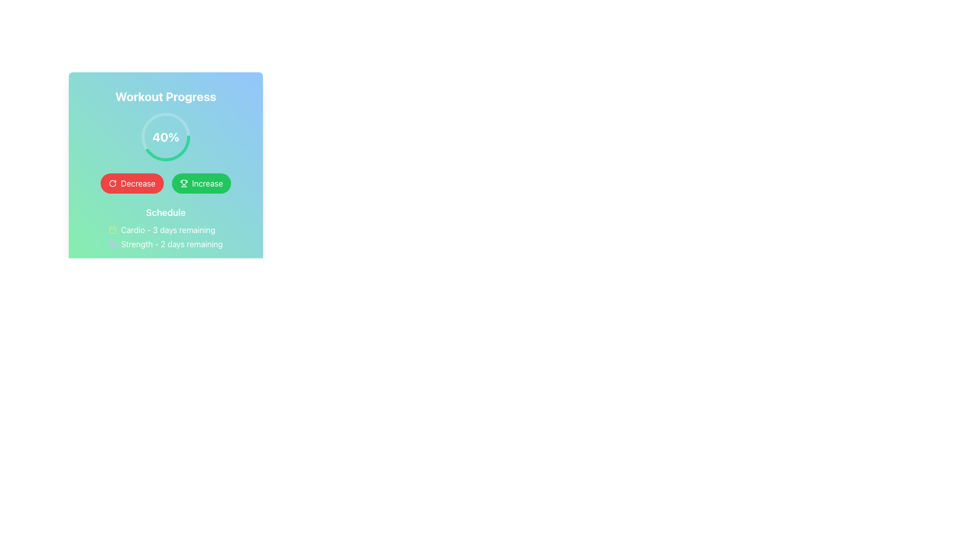 The width and height of the screenshot is (971, 546). I want to click on the calendar icon located to the left of the text 'Cardio - 3 days remaining' in the 'Schedule' section, so click(113, 230).